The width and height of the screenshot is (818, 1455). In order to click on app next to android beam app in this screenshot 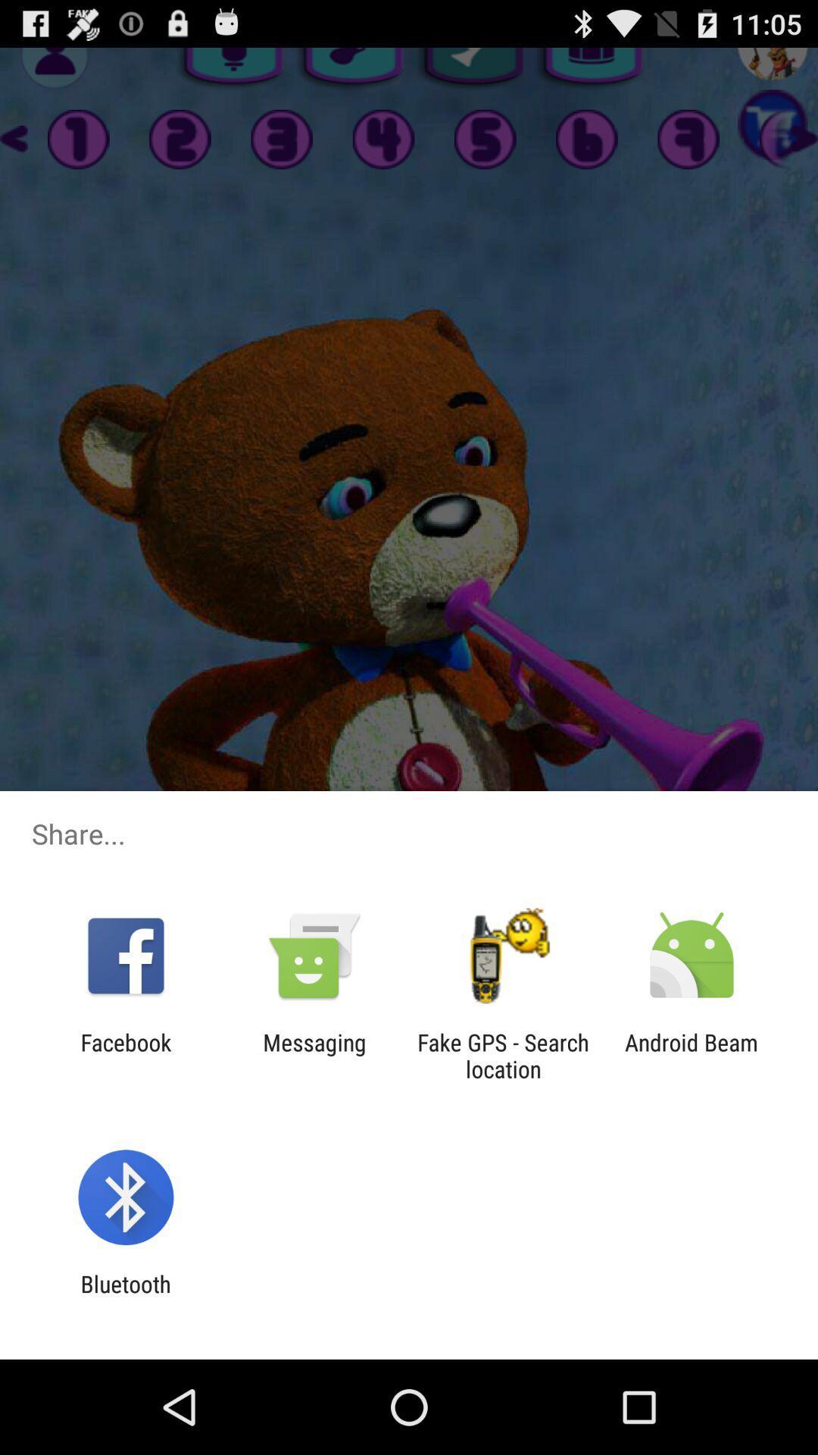, I will do `click(503, 1055)`.